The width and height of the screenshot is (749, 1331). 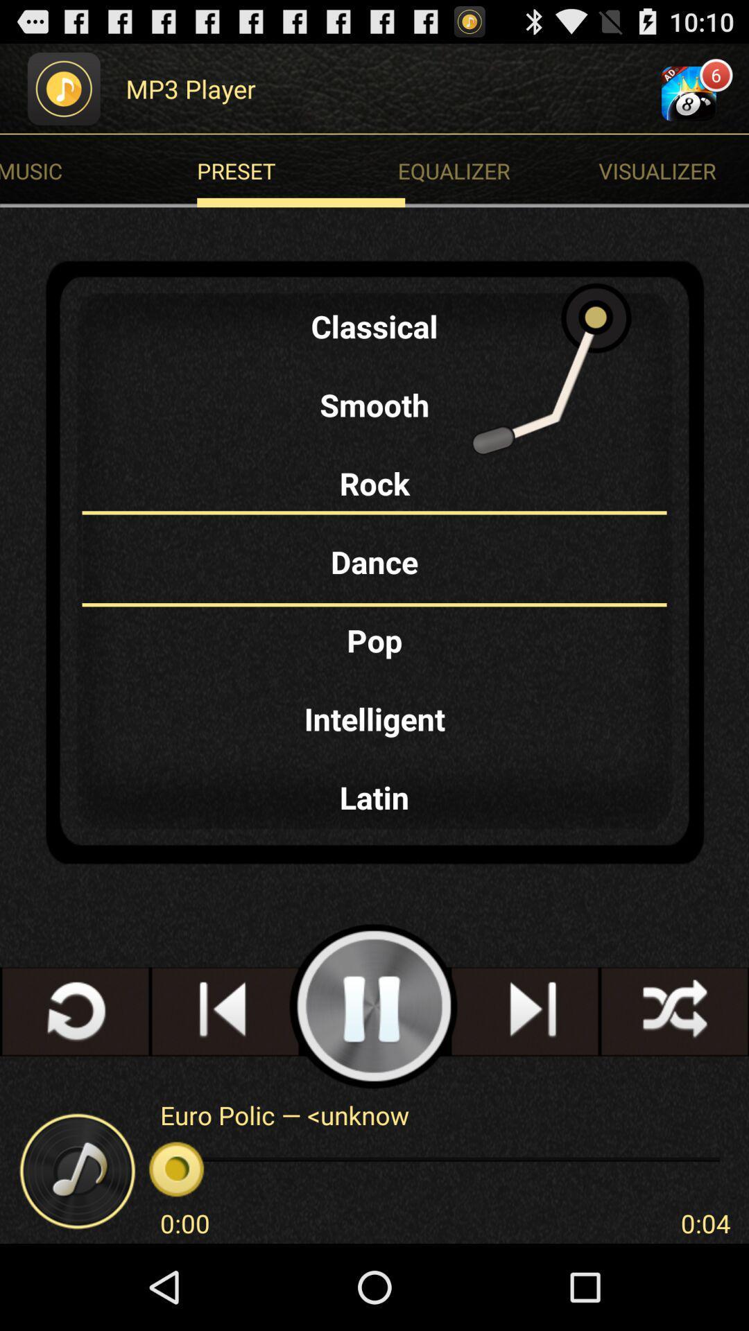 What do you see at coordinates (300, 170) in the screenshot?
I see `preset icon` at bounding box center [300, 170].